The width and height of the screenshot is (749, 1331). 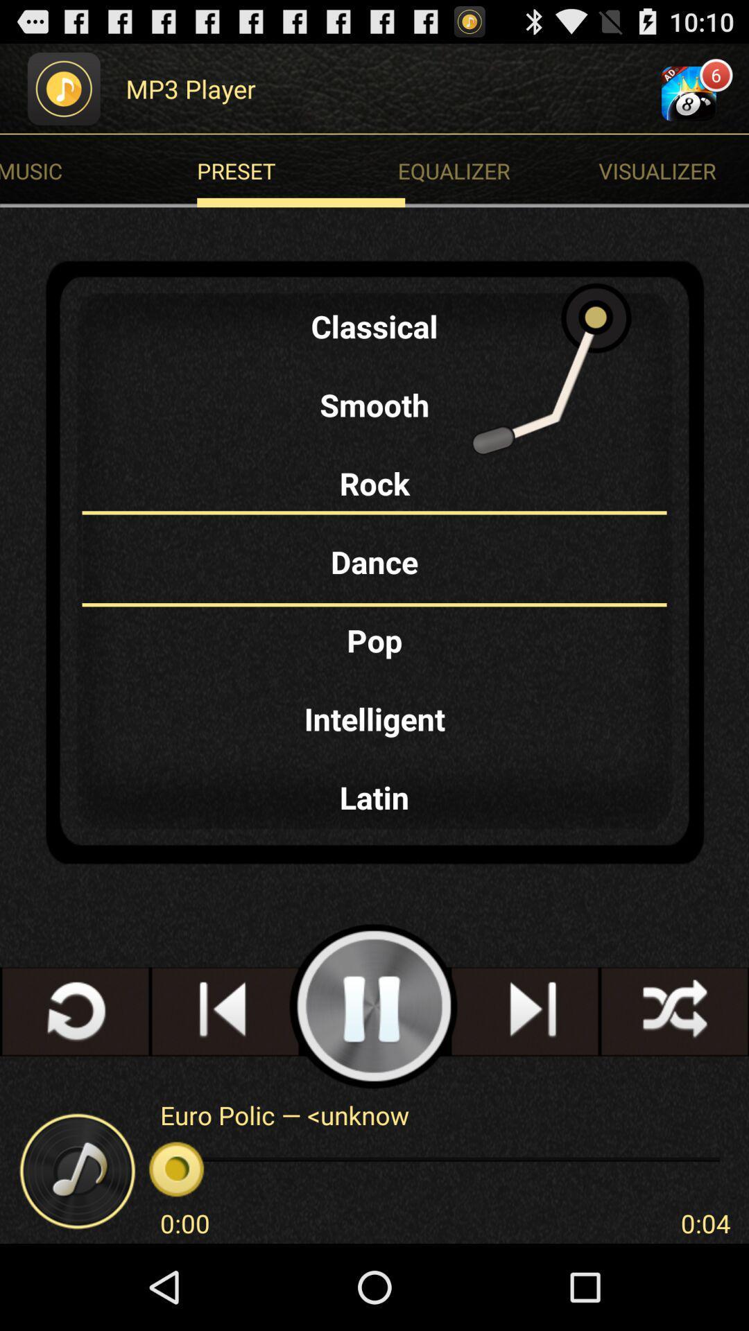 What do you see at coordinates (300, 170) in the screenshot?
I see `preset icon` at bounding box center [300, 170].